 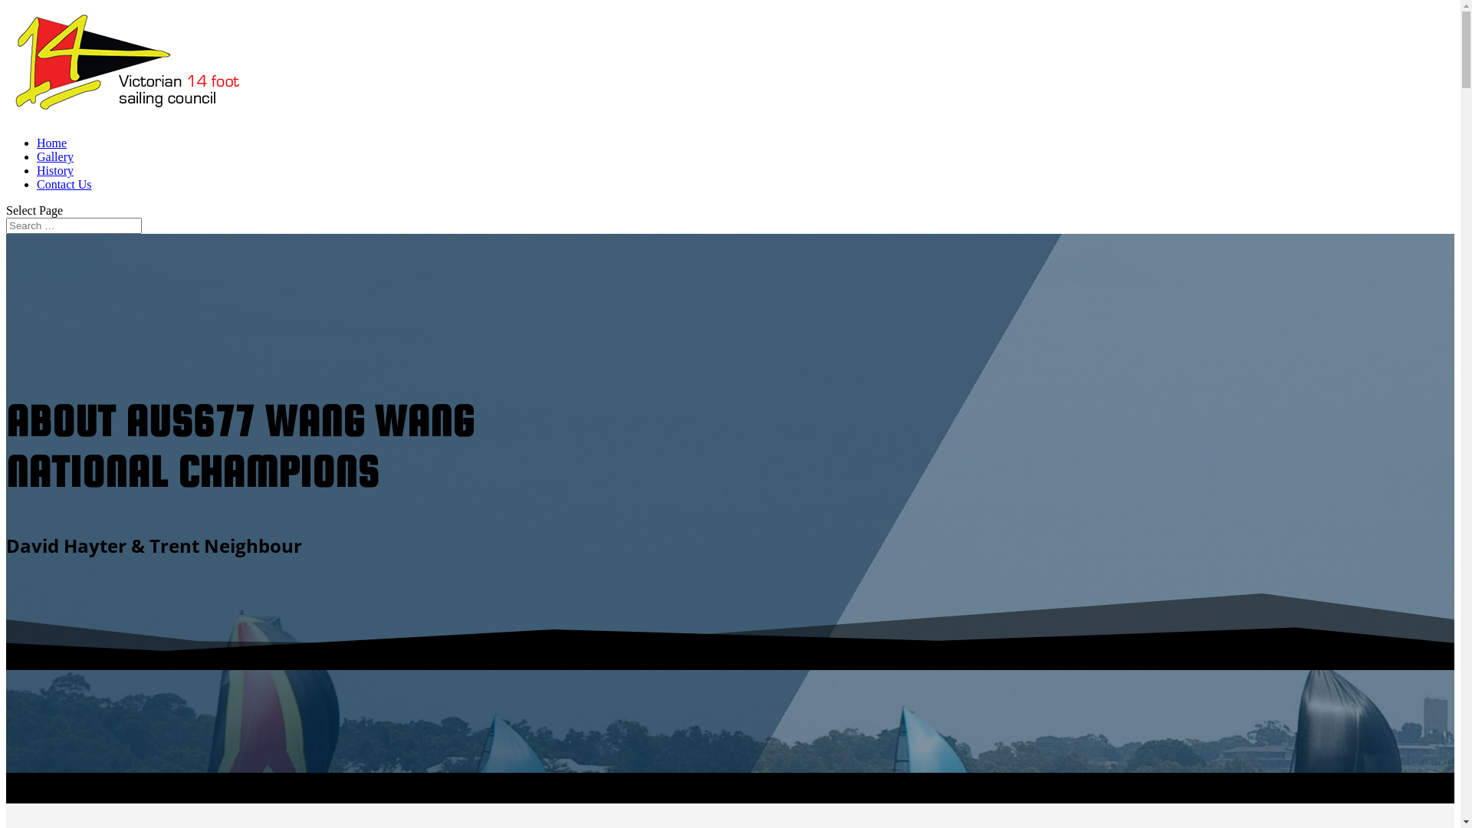 What do you see at coordinates (73, 225) in the screenshot?
I see `'Search for:'` at bounding box center [73, 225].